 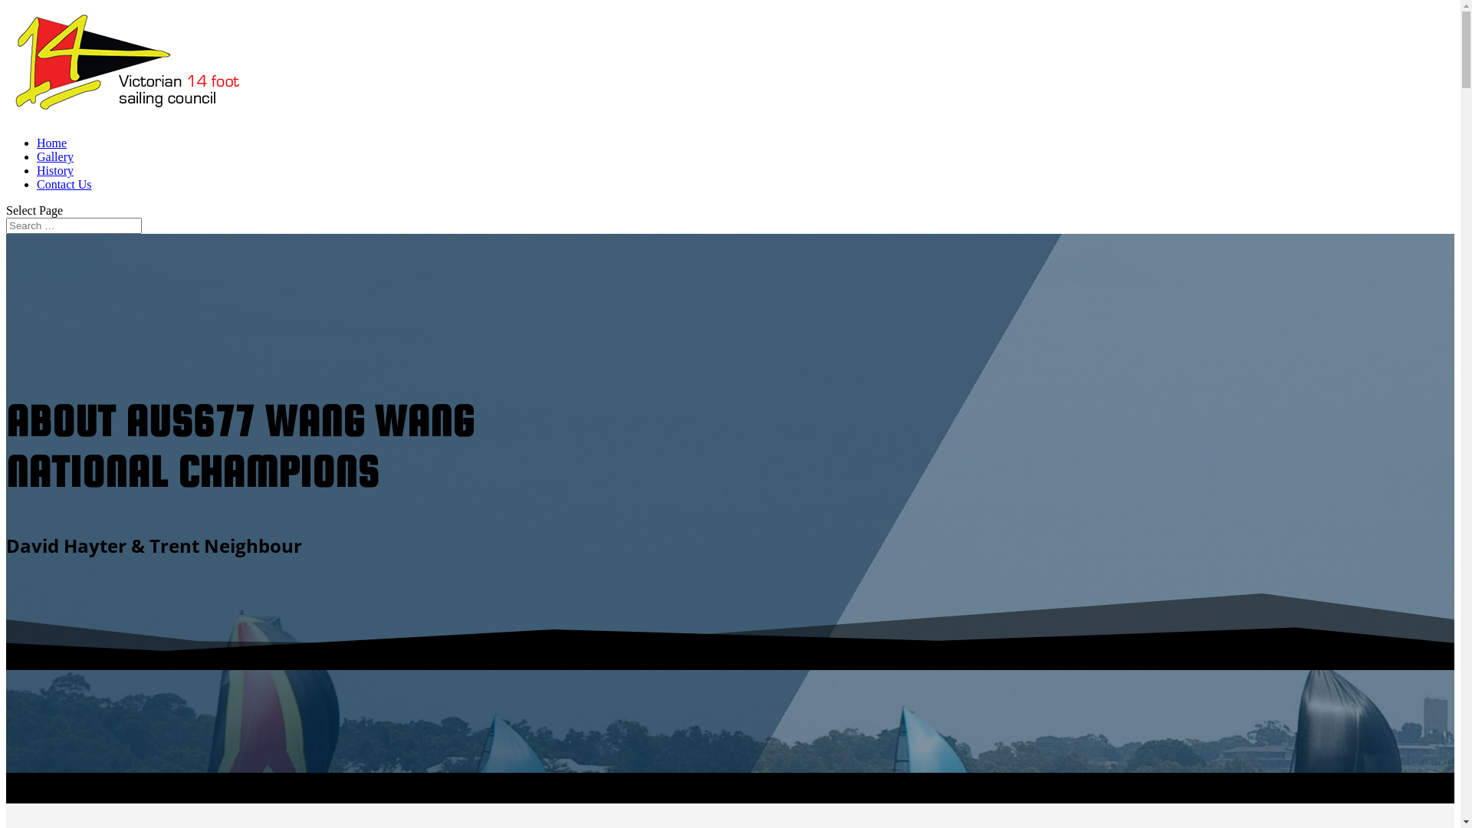 What do you see at coordinates (73, 225) in the screenshot?
I see `'Search for:'` at bounding box center [73, 225].